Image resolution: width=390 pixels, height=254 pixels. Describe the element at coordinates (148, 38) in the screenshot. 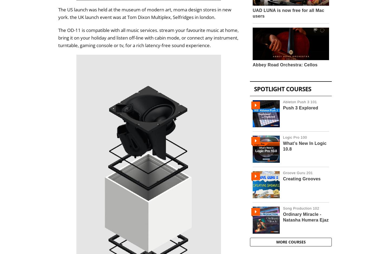

I see `'The OD-11 is compatible with all music services. stream your favourite music at home, bring it on your holiday and listen off-line with cabin mode, or connect any instrument, turntable, gaming console or tv, for a rich latency-free sound experience.'` at that location.